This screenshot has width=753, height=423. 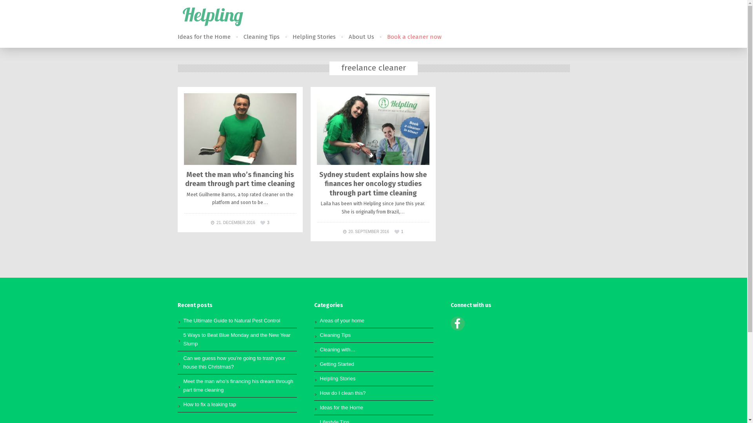 What do you see at coordinates (231, 320) in the screenshot?
I see `'The Ultimate Guide to Natural Pest Control'` at bounding box center [231, 320].